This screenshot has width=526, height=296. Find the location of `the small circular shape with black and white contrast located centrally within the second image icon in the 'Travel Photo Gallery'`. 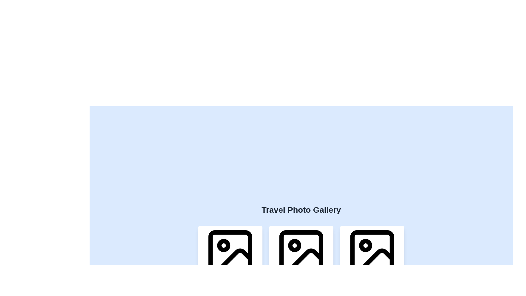

the small circular shape with black and white contrast located centrally within the second image icon in the 'Travel Photo Gallery' is located at coordinates (294, 245).